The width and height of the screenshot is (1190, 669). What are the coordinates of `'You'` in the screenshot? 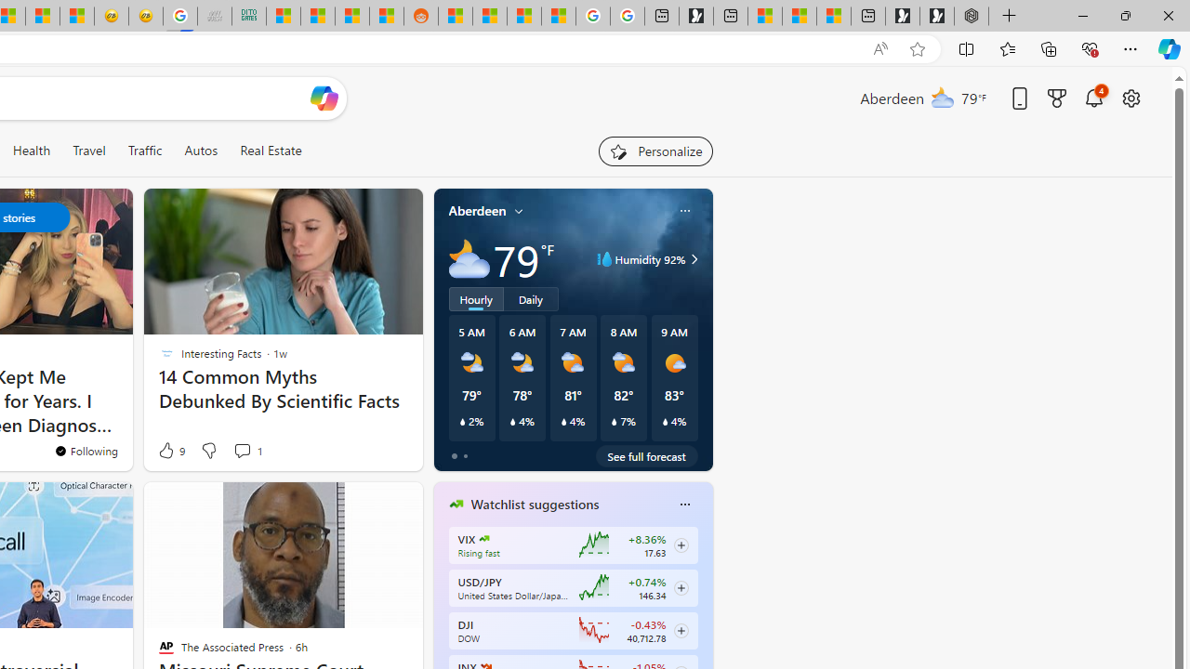 It's located at (85, 451).